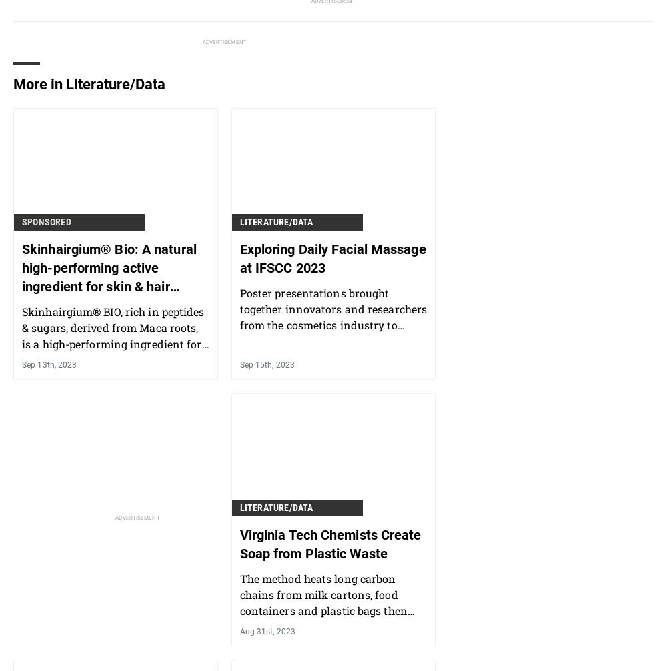 The image size is (667, 671). What do you see at coordinates (22, 364) in the screenshot?
I see `'Sep 13th, 2023'` at bounding box center [22, 364].